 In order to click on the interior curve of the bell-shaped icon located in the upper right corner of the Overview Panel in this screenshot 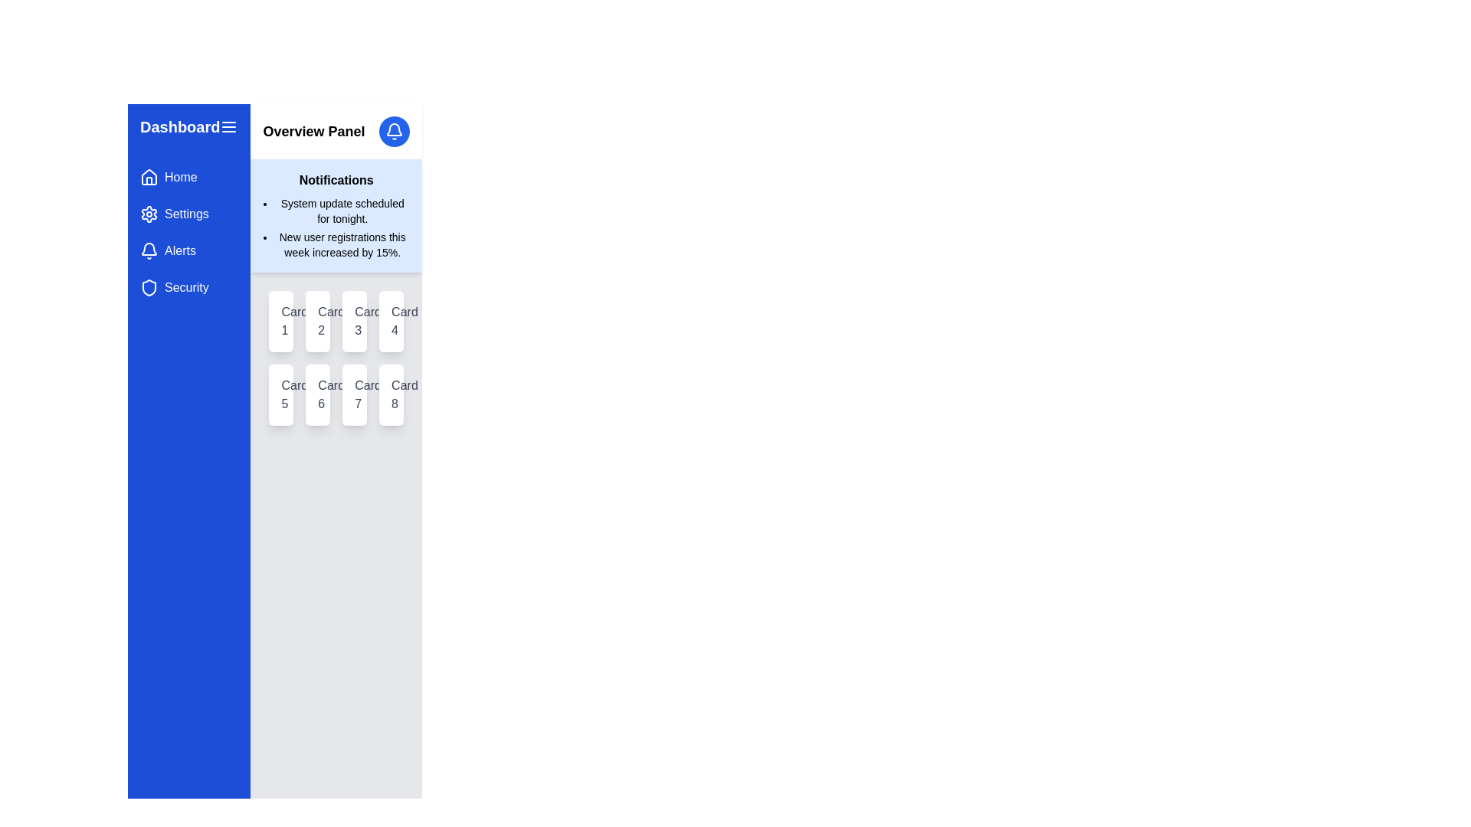, I will do `click(394, 129)`.